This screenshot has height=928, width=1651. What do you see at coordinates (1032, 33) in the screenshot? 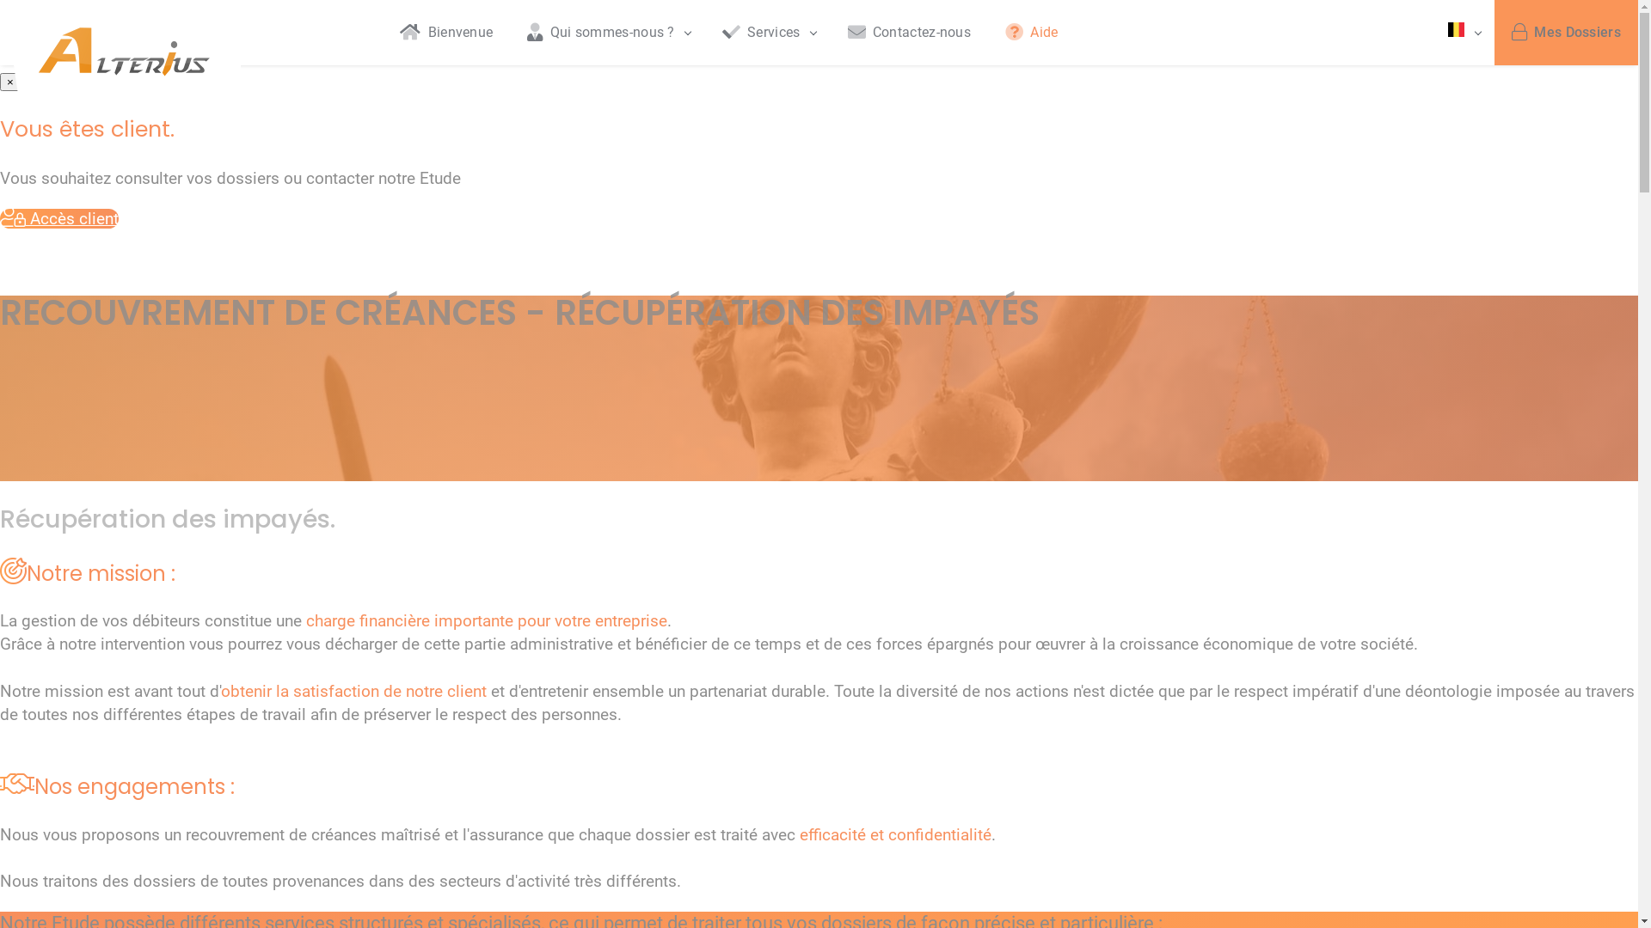
I see `'Aide'` at bounding box center [1032, 33].